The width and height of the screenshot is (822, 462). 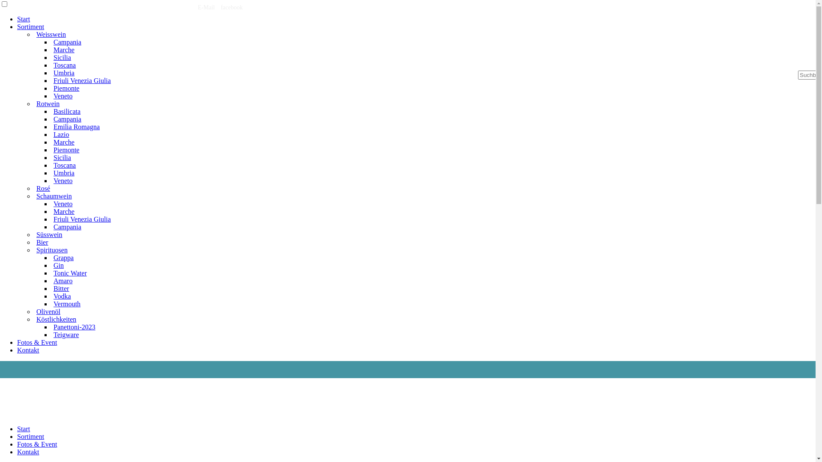 I want to click on 'Lazio', so click(x=61, y=134).